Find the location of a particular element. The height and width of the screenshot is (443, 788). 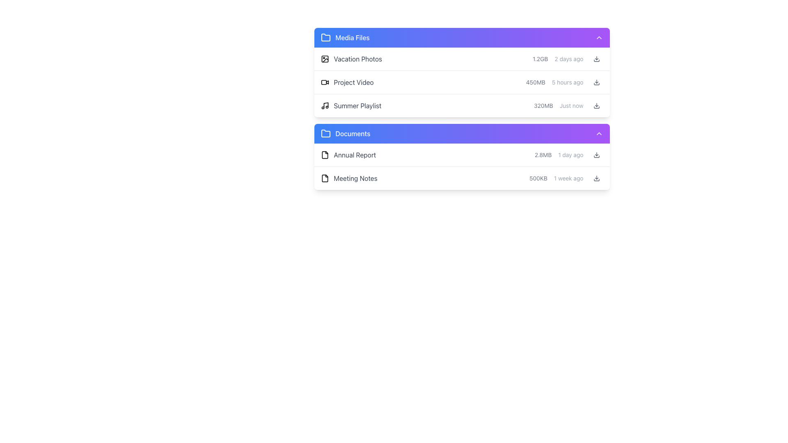

the 'Media Files' static text element, which serves as a label for the section containing media files, located to the right of an SVG folder icon is located at coordinates (353, 38).